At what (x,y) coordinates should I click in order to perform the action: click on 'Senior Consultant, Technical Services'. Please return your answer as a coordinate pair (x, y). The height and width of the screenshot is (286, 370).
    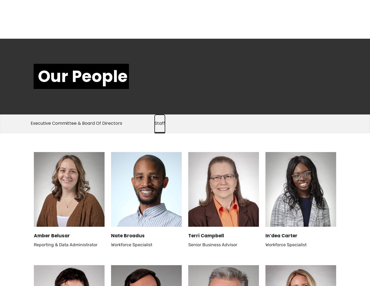
    Looking at the image, I should click on (63, 29).